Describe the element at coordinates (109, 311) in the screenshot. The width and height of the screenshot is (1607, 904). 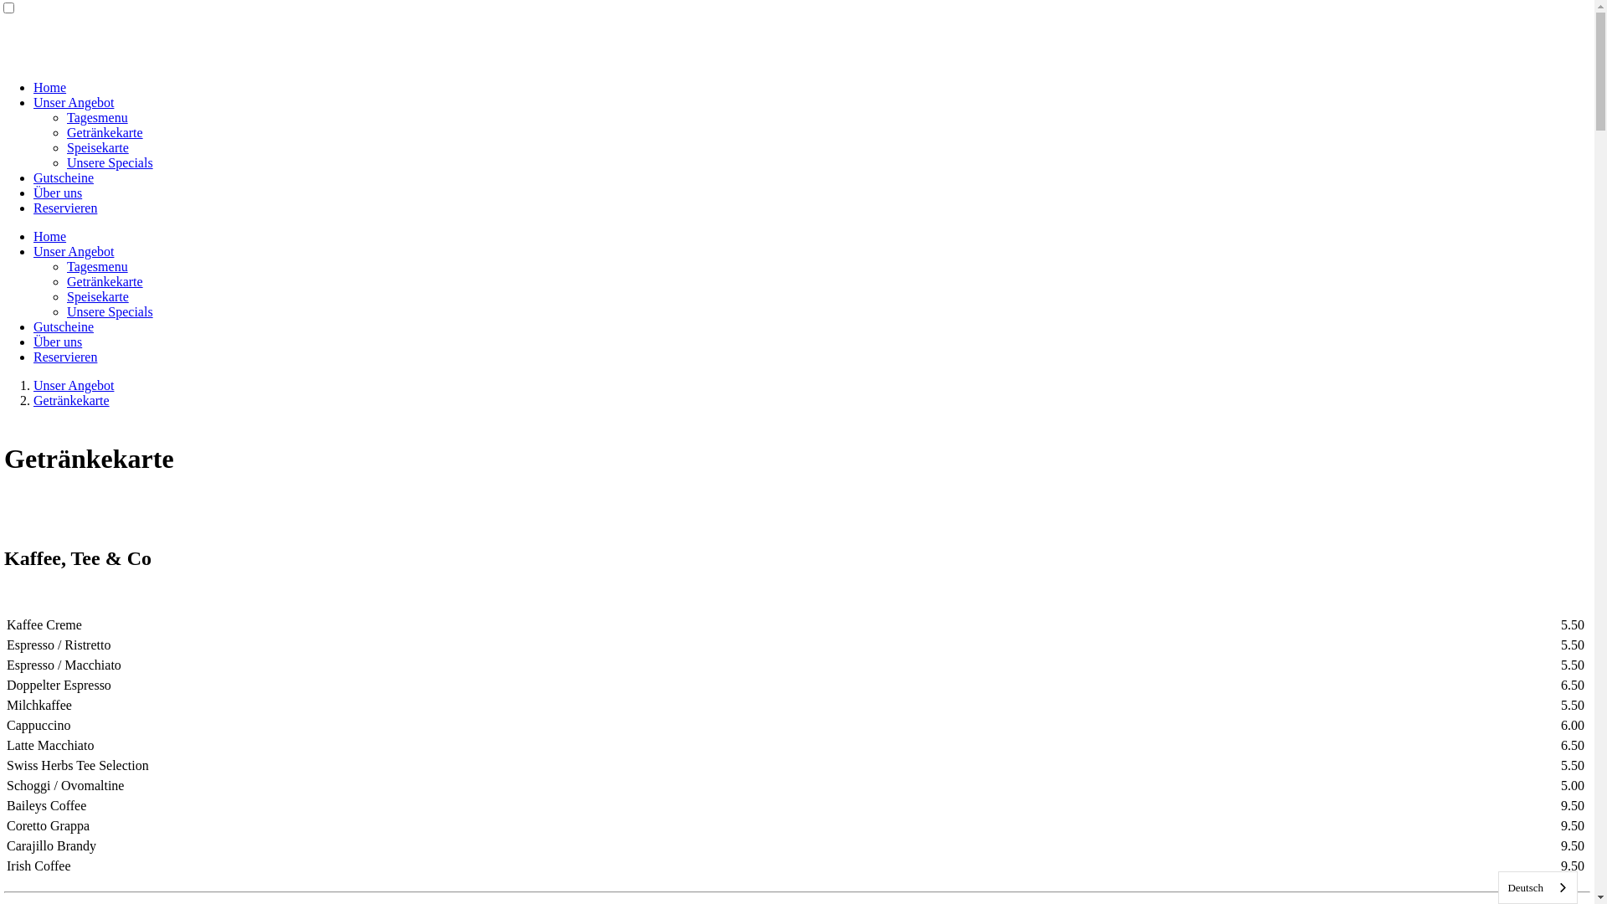
I see `'Unsere Specials'` at that location.